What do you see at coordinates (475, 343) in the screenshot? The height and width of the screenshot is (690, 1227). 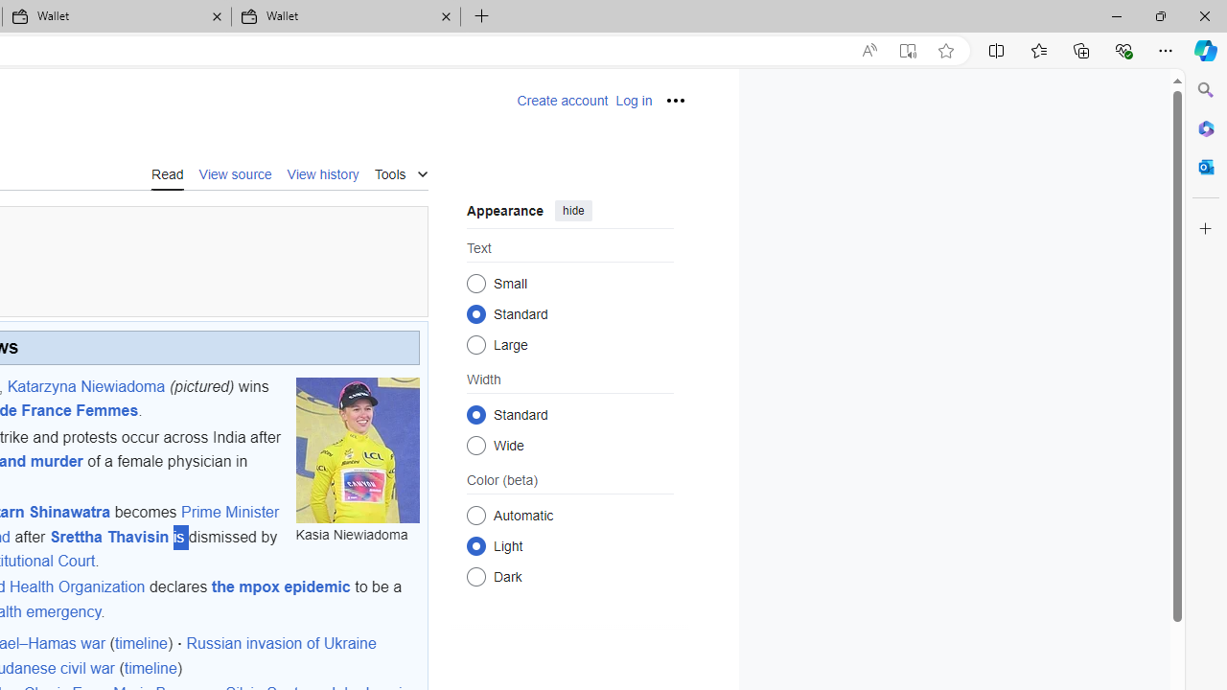 I see `'Large'` at bounding box center [475, 343].